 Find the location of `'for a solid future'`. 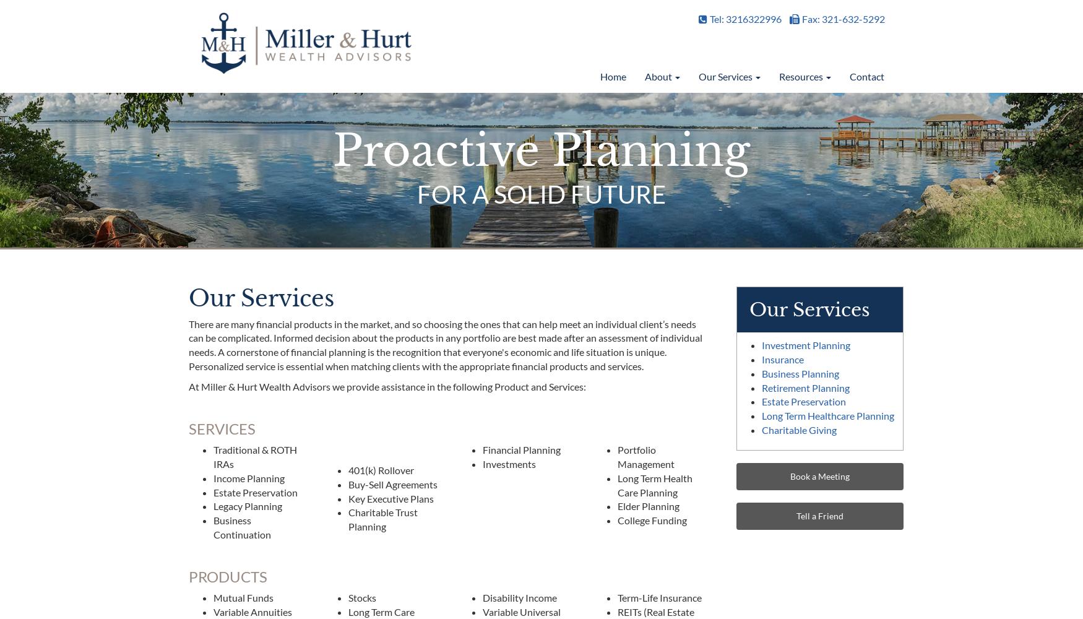

'for a solid future' is located at coordinates (541, 193).